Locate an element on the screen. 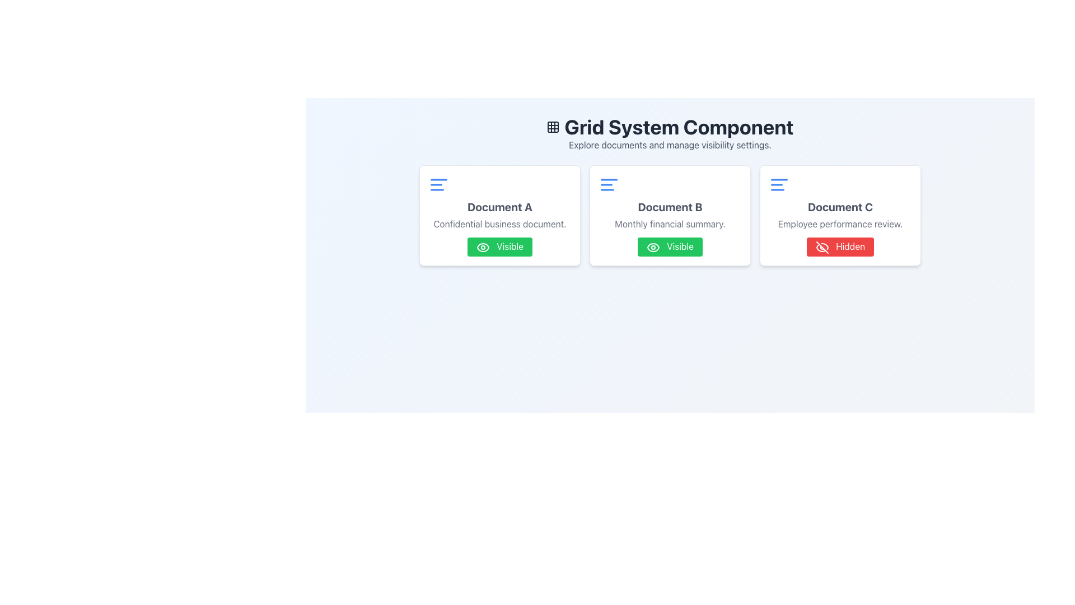 The height and width of the screenshot is (605, 1075). the title text element located in the second card of a three-card grid layout, positioned centrally below an icon and above the 'Monthly financial summary.' description is located at coordinates (670, 207).